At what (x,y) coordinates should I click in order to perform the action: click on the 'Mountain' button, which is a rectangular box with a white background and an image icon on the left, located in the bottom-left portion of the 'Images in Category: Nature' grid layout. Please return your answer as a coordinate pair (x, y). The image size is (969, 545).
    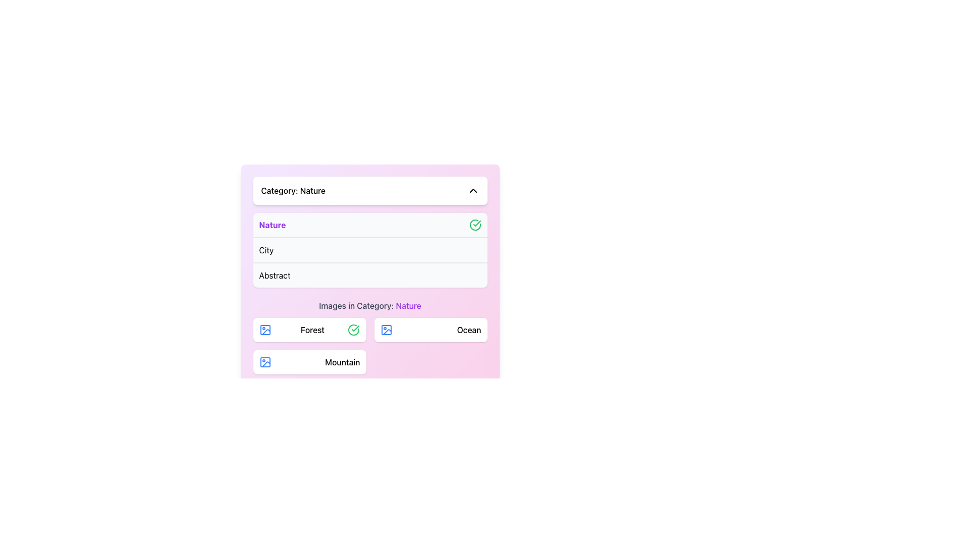
    Looking at the image, I should click on (309, 361).